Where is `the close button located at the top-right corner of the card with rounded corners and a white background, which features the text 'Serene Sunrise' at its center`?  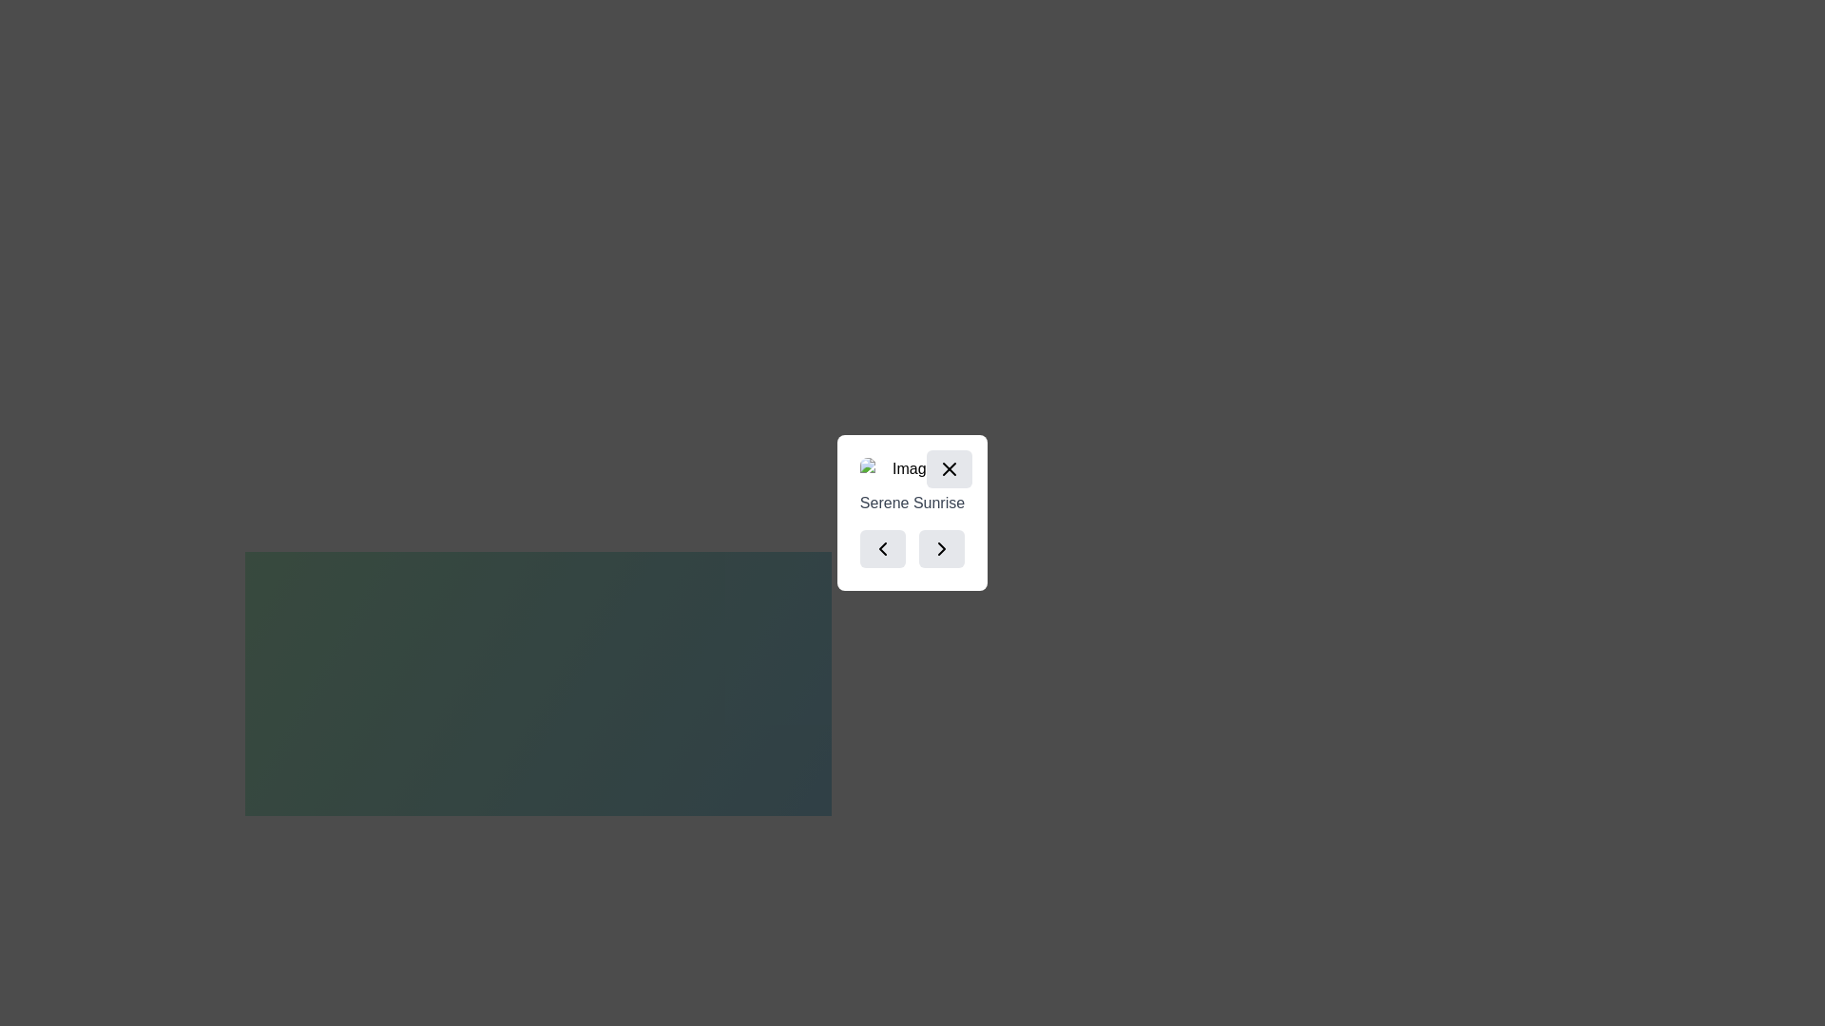 the close button located at the top-right corner of the card with rounded corners and a white background, which features the text 'Serene Sunrise' at its center is located at coordinates (950, 468).